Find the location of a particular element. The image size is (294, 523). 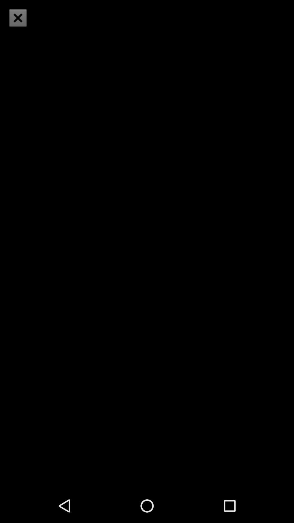

the close icon is located at coordinates (17, 19).